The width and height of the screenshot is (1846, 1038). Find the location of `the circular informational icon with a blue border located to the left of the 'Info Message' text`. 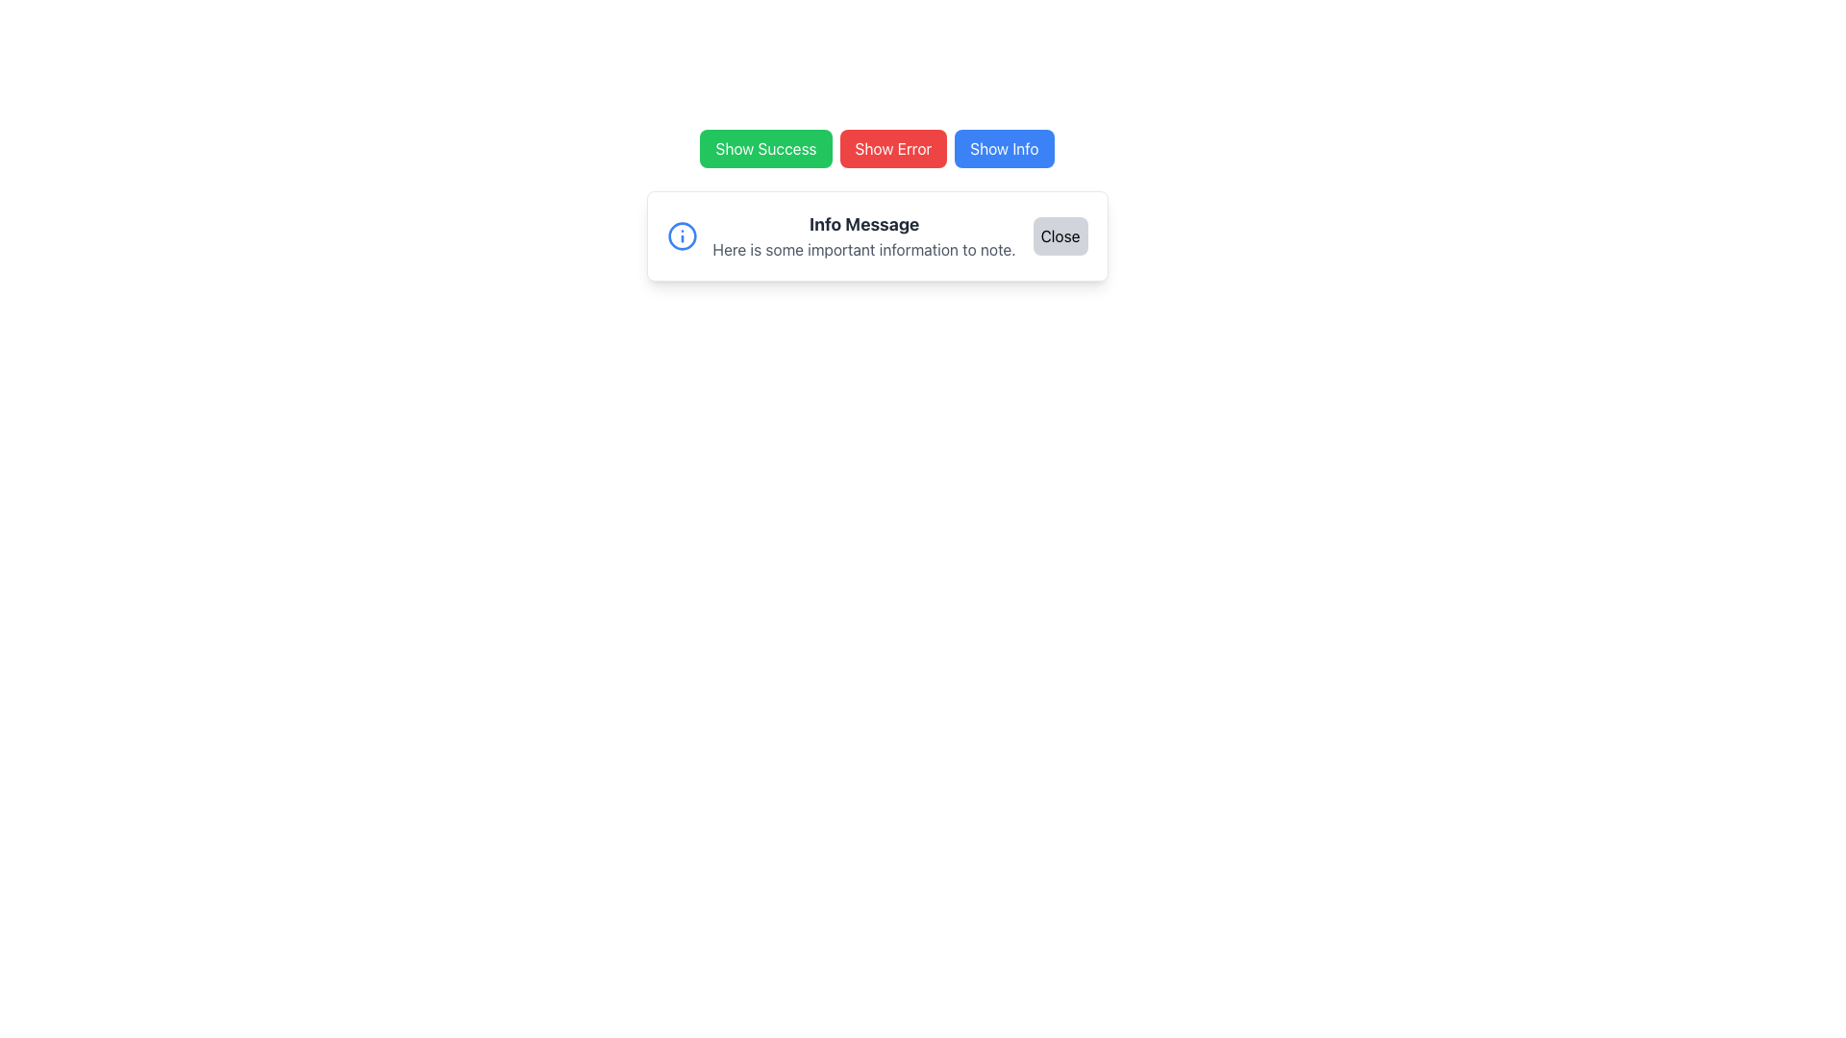

the circular informational icon with a blue border located to the left of the 'Info Message' text is located at coordinates (682, 235).